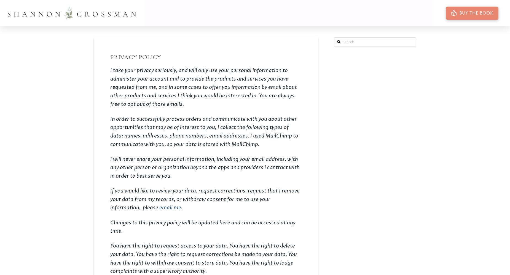 The height and width of the screenshot is (275, 510). Describe the element at coordinates (182, 208) in the screenshot. I see `'.'` at that location.